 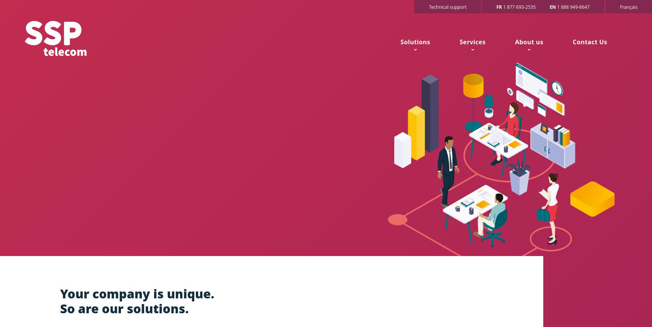 What do you see at coordinates (628, 7) in the screenshot?
I see `'Français'` at bounding box center [628, 7].